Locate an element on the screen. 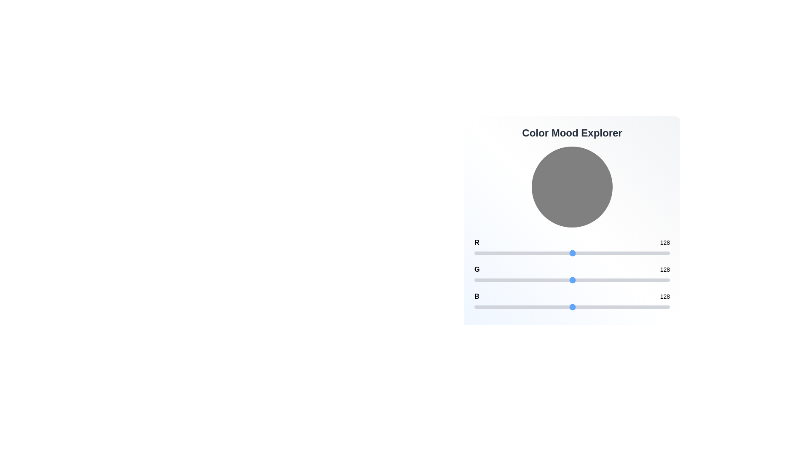 The image size is (809, 455). the red channel slider to 10 value is located at coordinates (482, 253).